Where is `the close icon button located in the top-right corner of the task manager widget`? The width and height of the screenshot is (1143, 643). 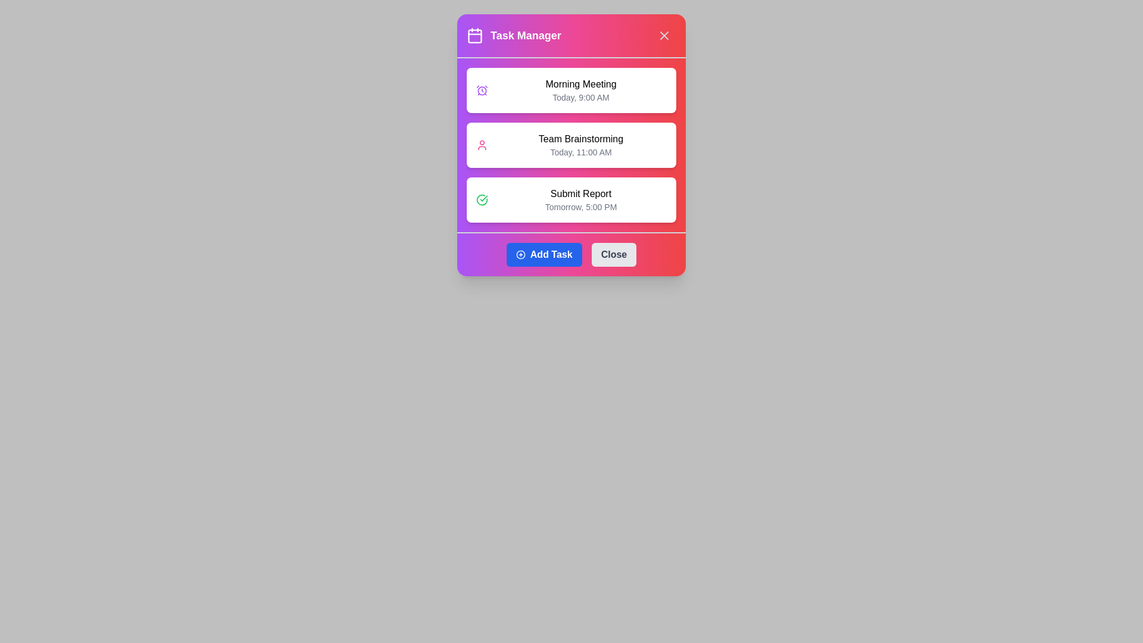 the close icon button located in the top-right corner of the task manager widget is located at coordinates (664, 35).